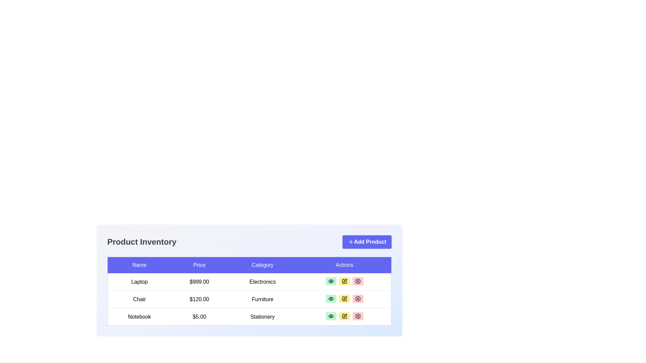  I want to click on the red circular button with an 'X' icon in the 'Actions' column of the 'Product Inventory' table, so click(357, 316).